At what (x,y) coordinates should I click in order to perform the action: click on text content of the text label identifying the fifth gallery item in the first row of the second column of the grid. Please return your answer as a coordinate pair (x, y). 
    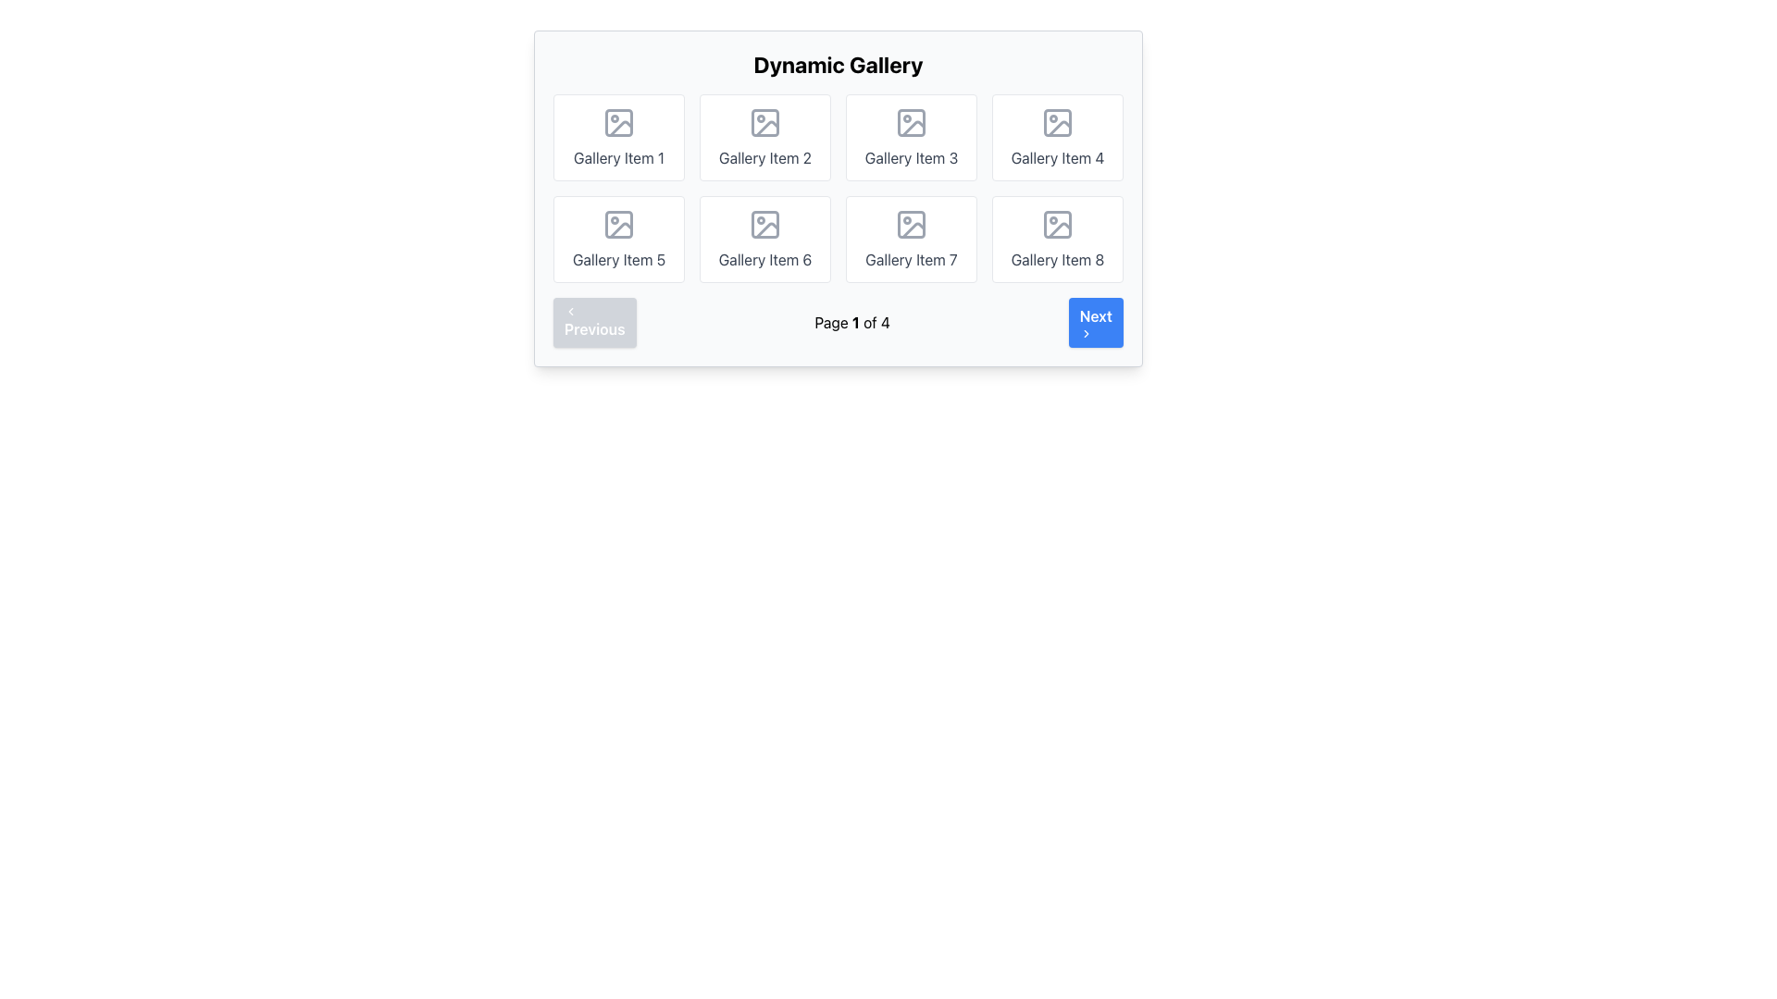
    Looking at the image, I should click on (618, 260).